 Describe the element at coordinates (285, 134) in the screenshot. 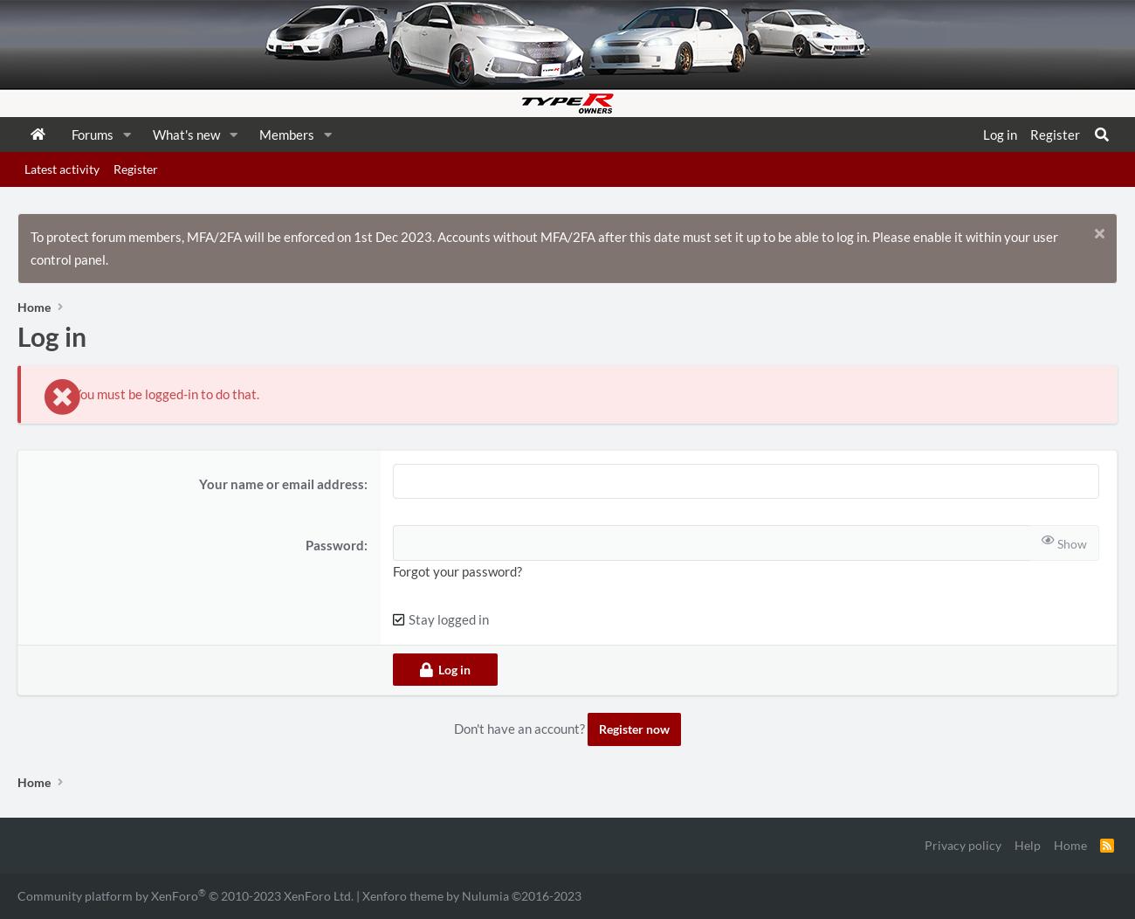

I see `'Members'` at that location.